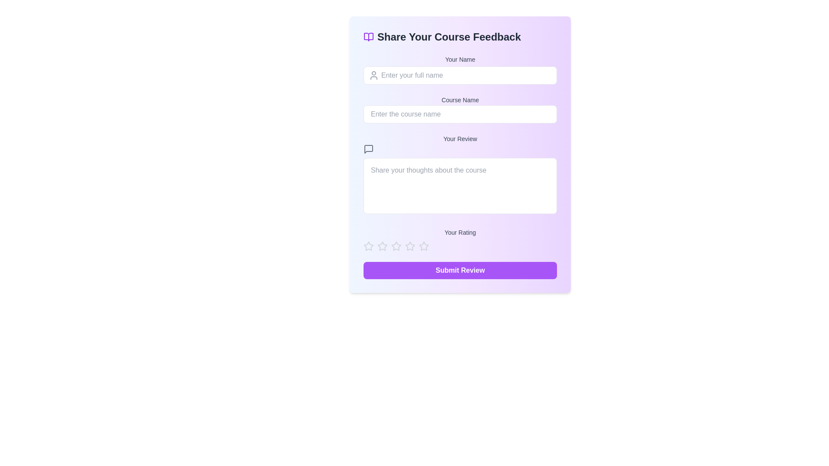 This screenshot has width=829, height=466. I want to click on text from the Text Label located below the 'Course Name' text box and above the review input area, which indicates the purpose of the text area, so click(459, 138).